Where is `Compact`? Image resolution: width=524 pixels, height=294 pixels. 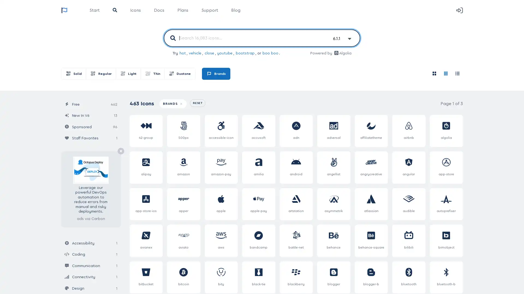 Compact is located at coordinates (440, 75).